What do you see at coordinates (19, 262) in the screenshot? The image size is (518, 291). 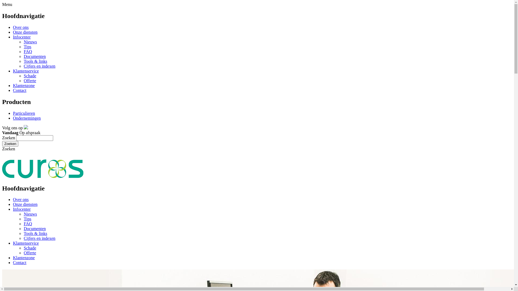 I see `'Contact'` at bounding box center [19, 262].